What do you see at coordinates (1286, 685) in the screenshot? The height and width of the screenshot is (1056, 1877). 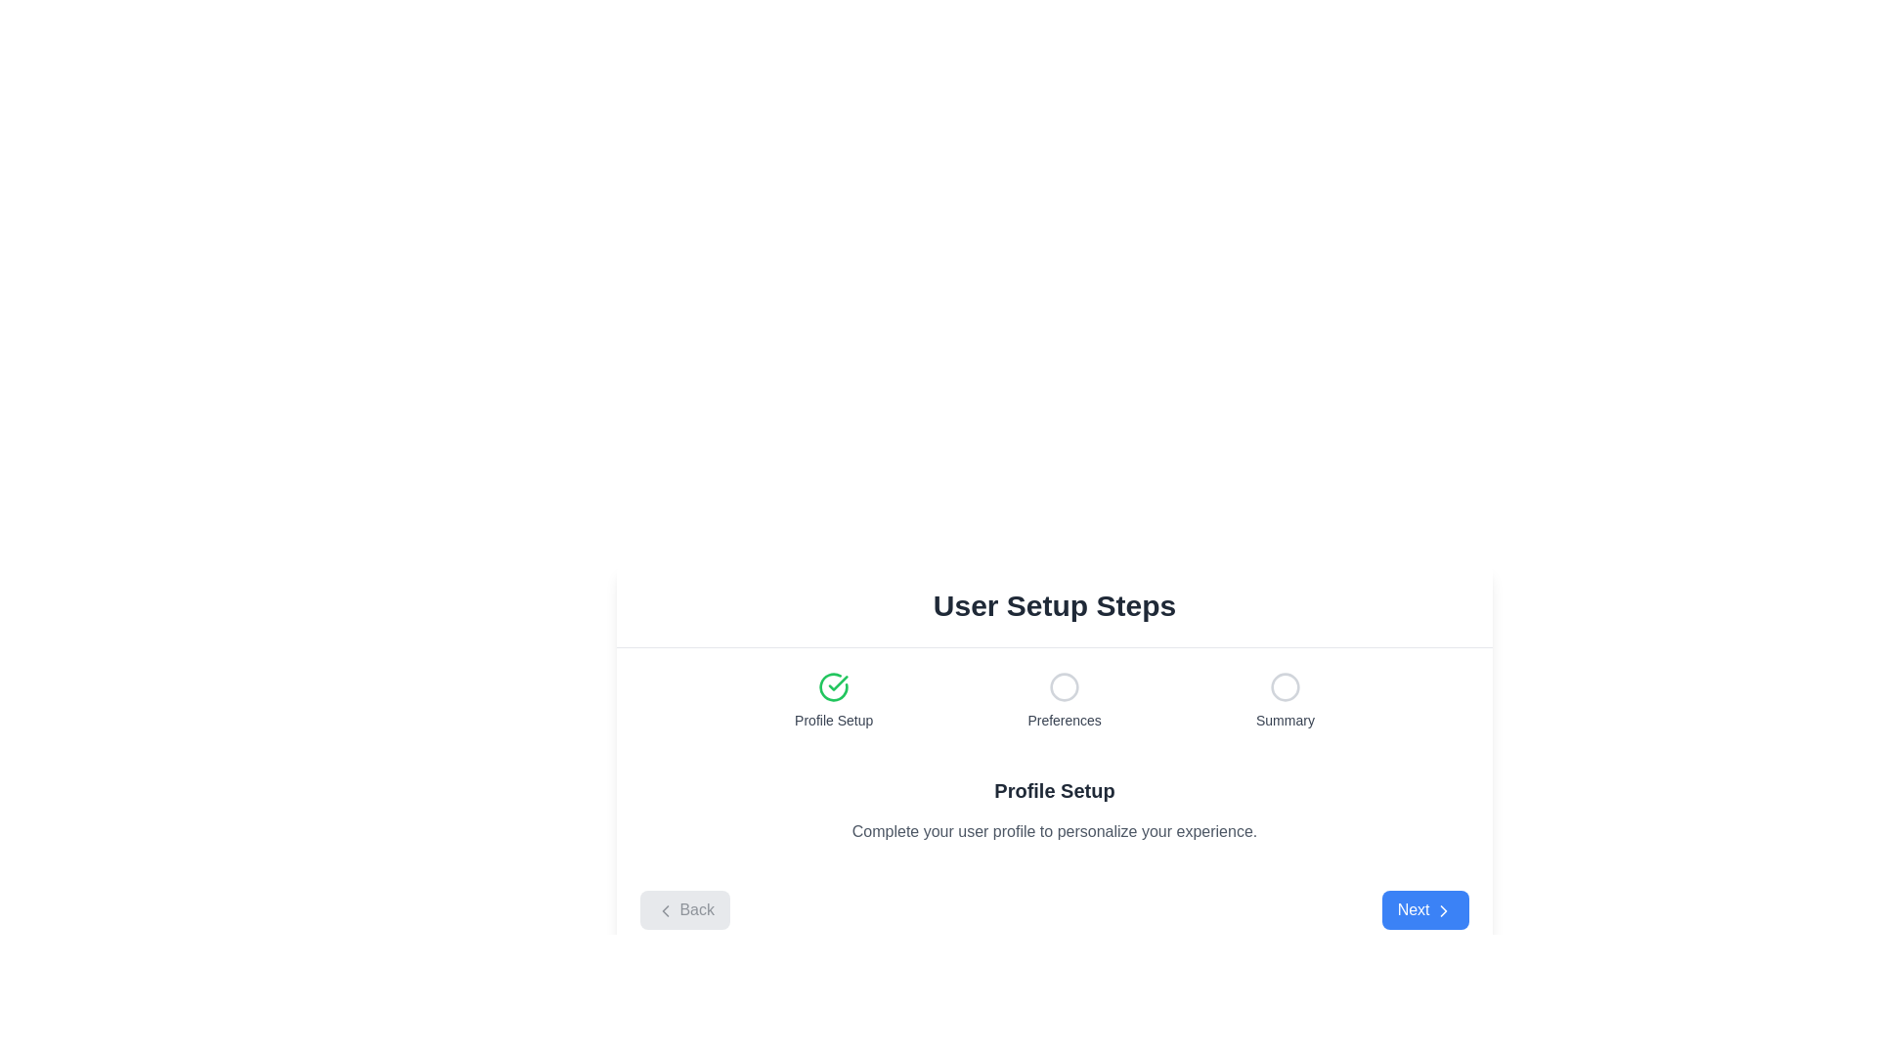 I see `the second circular icon with a gray border and white center located under the 'Summary' label in the step navigation section` at bounding box center [1286, 685].